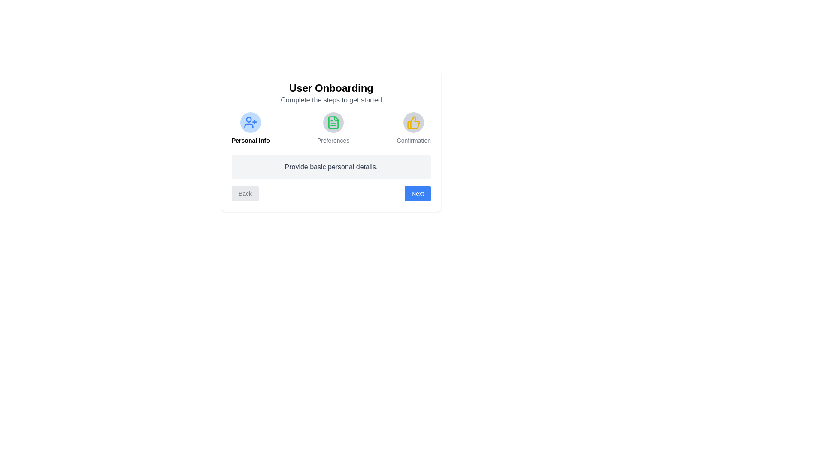 This screenshot has width=824, height=463. Describe the element at coordinates (414, 122) in the screenshot. I see `the step icon corresponding to the step Confirmation to view its details` at that location.